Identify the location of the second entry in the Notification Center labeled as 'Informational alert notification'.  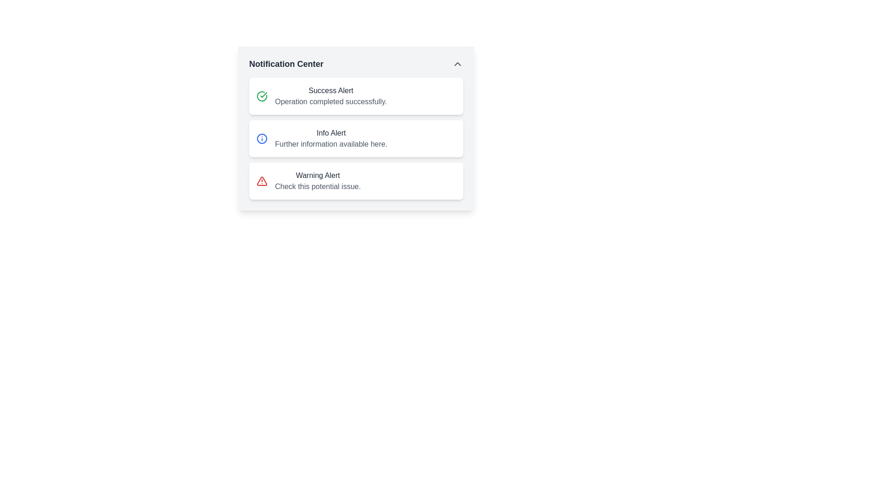
(331, 138).